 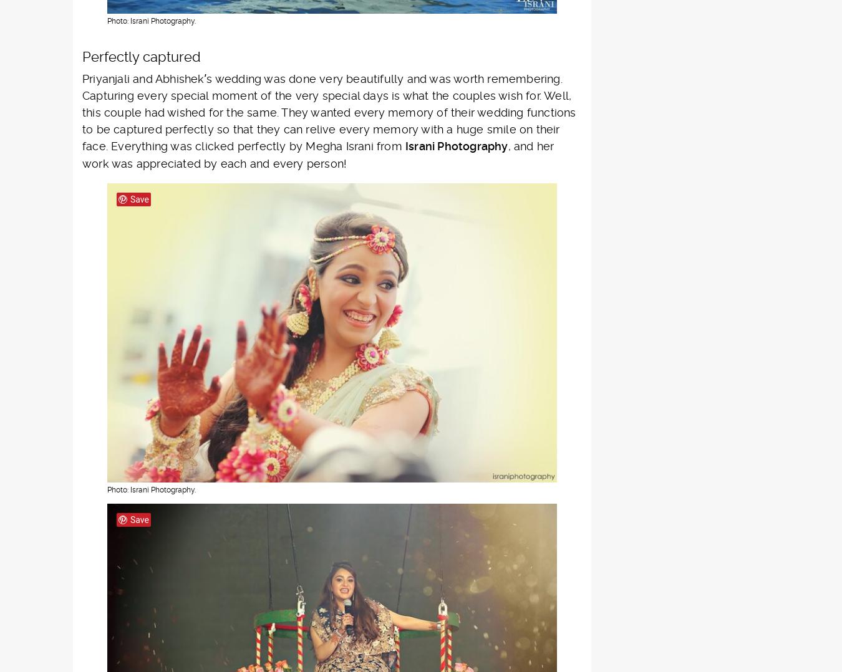 What do you see at coordinates (308, 194) in the screenshot?
I see `'Top wedding photography of Maharashtra'` at bounding box center [308, 194].